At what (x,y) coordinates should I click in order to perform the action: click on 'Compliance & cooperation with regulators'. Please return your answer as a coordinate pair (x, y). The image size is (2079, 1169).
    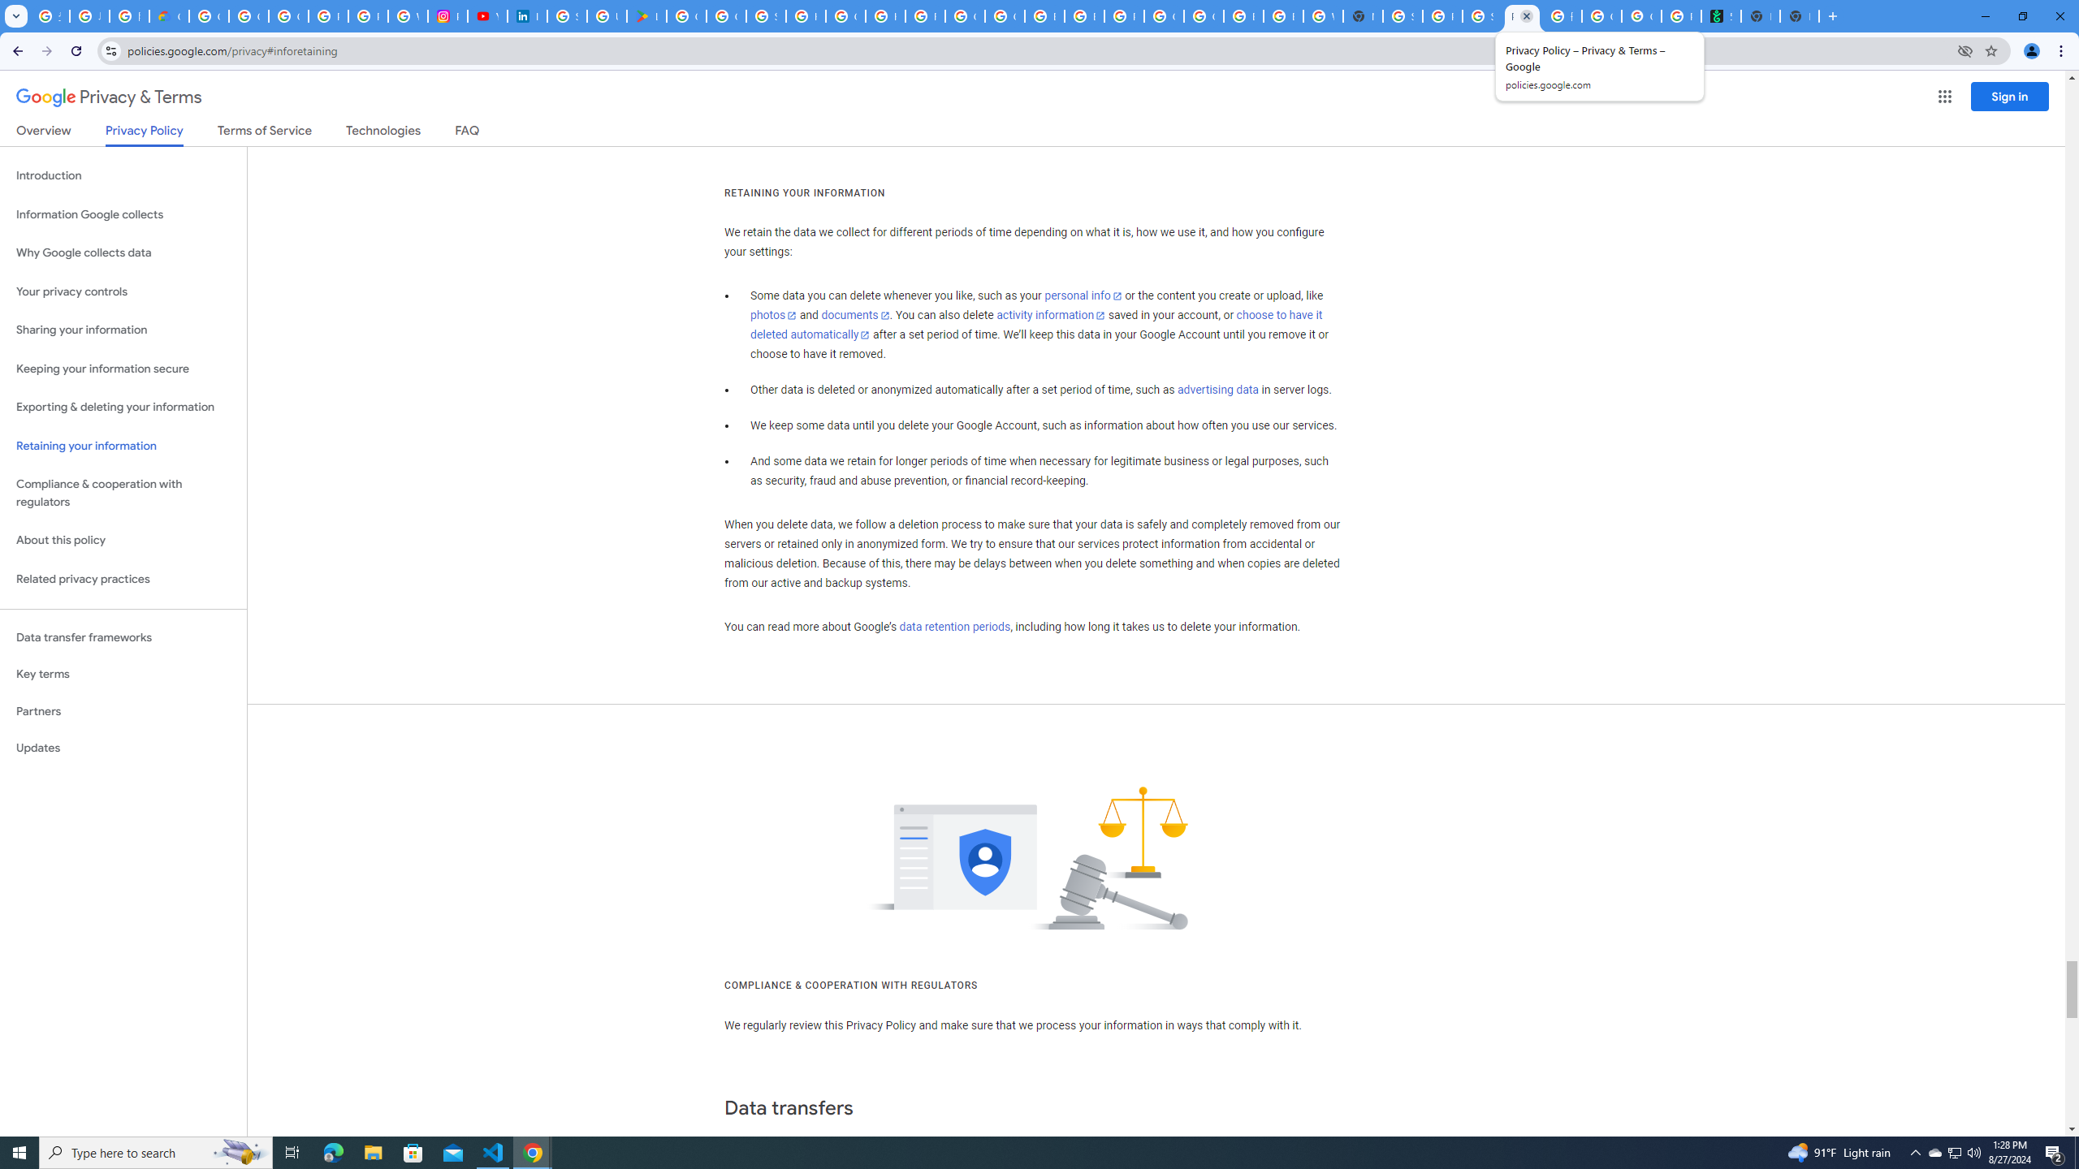
    Looking at the image, I should click on (123, 494).